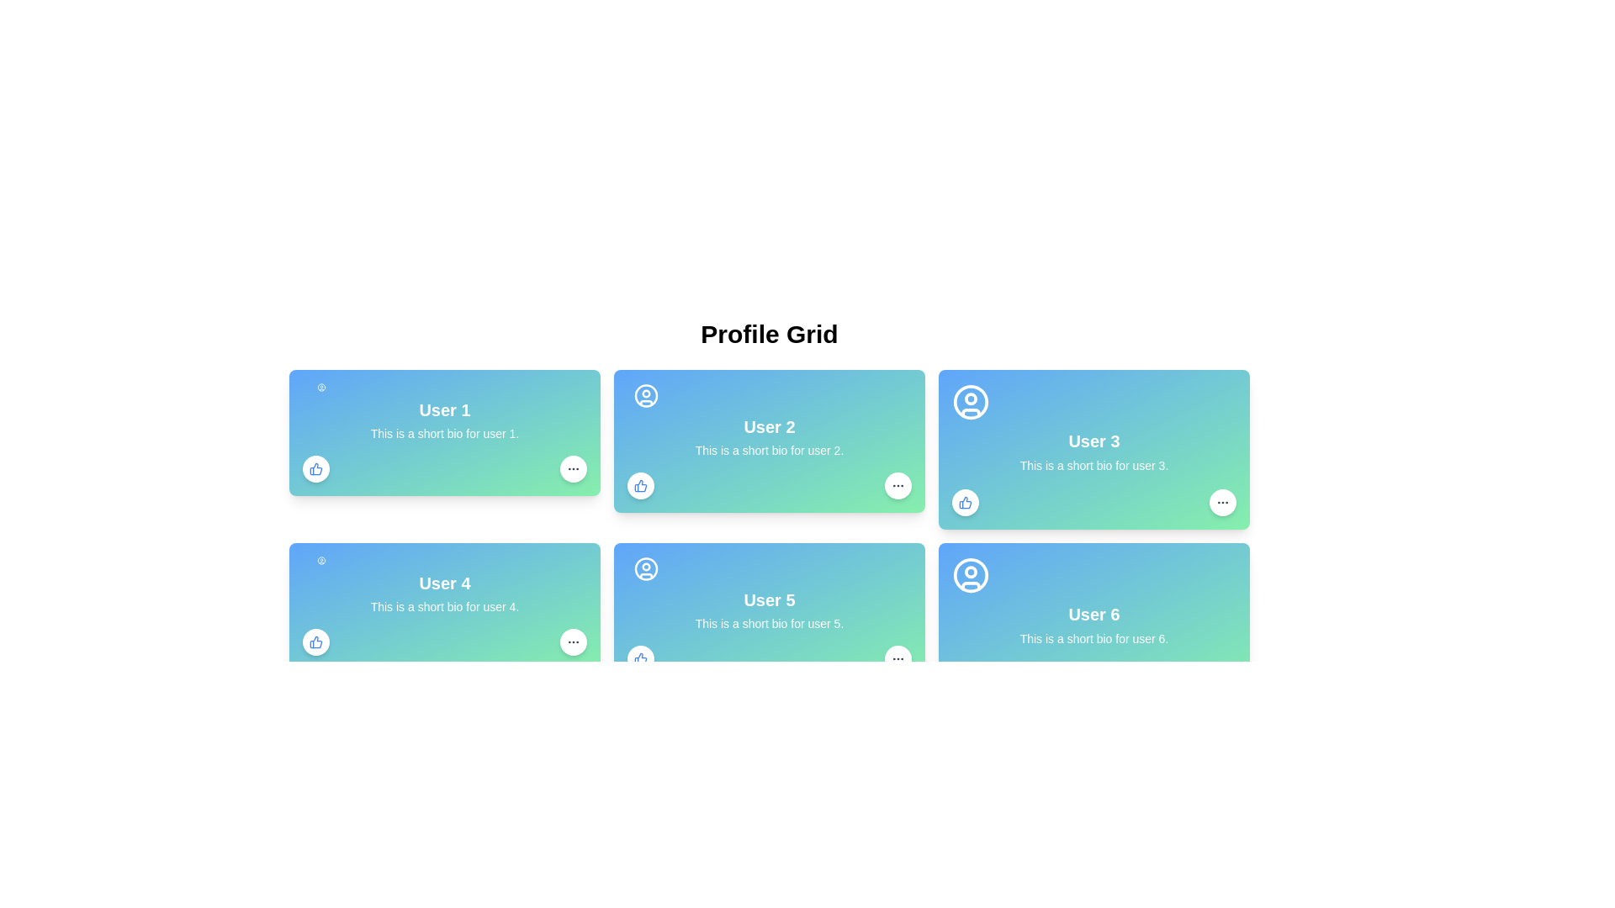 This screenshot has height=908, width=1615. Describe the element at coordinates (965, 501) in the screenshot. I see `the 'like' button located in the bottom-left corner of the 'User 3' card` at that location.